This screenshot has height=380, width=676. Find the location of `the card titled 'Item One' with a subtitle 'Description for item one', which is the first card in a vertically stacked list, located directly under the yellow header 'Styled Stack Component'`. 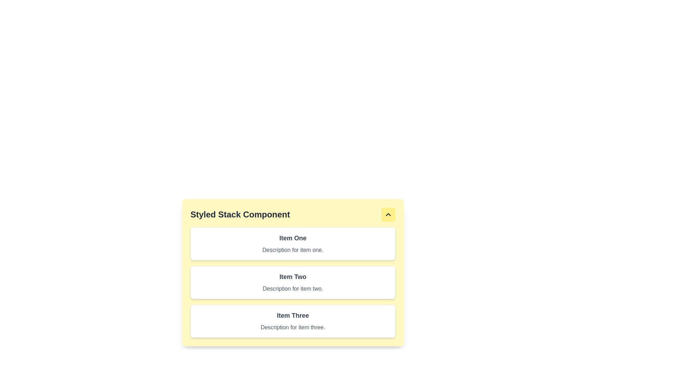

the card titled 'Item One' with a subtitle 'Description for item one', which is the first card in a vertically stacked list, located directly under the yellow header 'Styled Stack Component' is located at coordinates (293, 243).